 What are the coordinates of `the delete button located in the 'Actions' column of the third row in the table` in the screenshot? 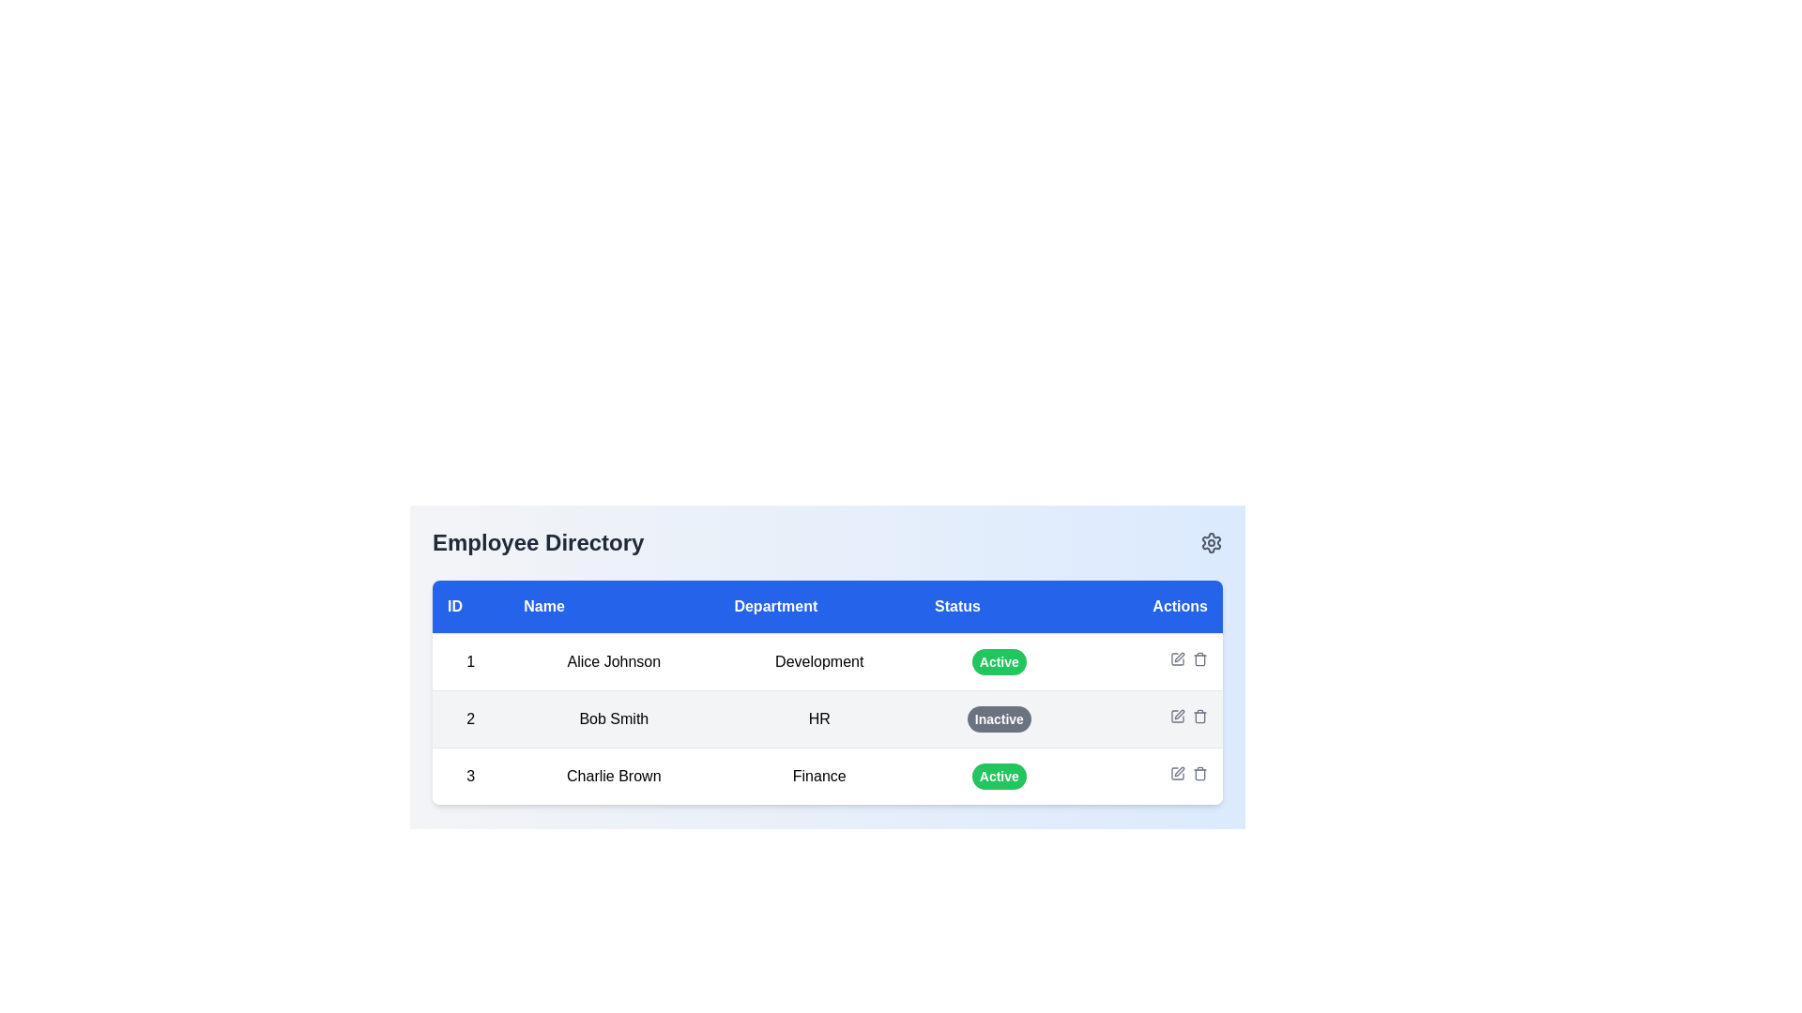 It's located at (1199, 774).